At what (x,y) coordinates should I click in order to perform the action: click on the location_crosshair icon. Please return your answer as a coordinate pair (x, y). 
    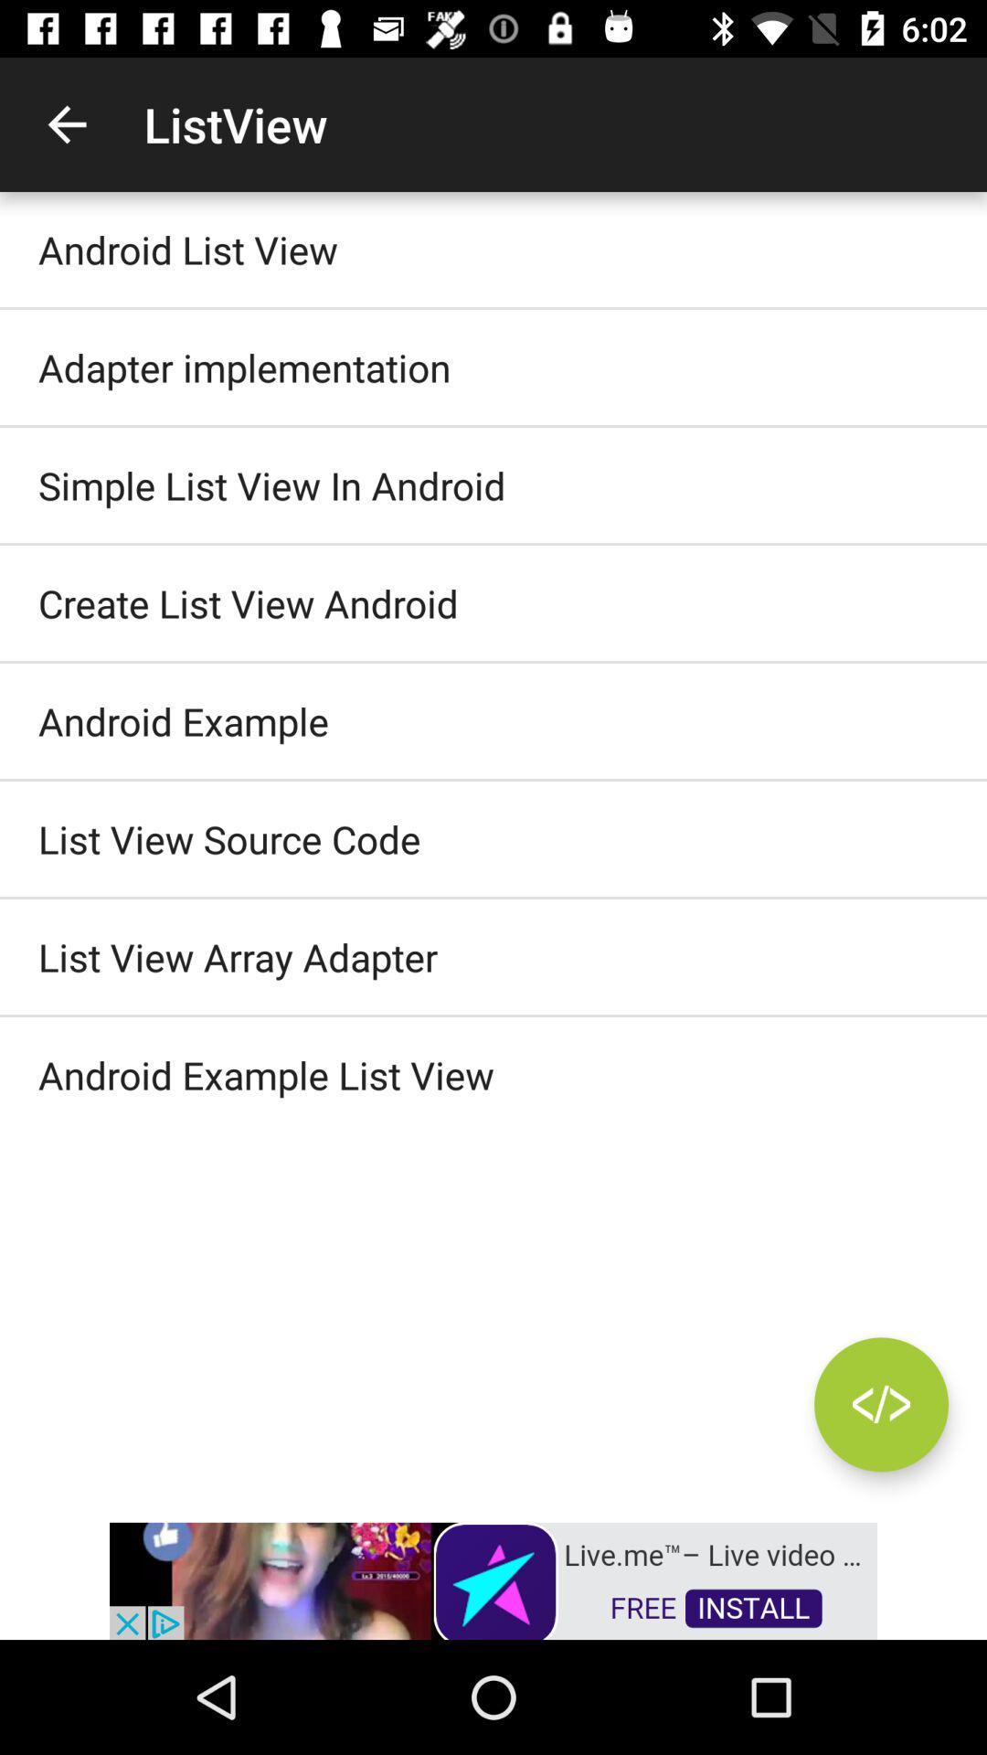
    Looking at the image, I should click on (880, 1403).